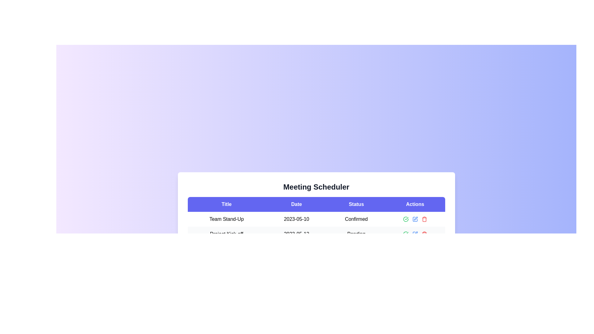 The image size is (594, 334). I want to click on the delete icon located at the far-right end of the action icons in the 'Actions' column of the table, so click(424, 234).